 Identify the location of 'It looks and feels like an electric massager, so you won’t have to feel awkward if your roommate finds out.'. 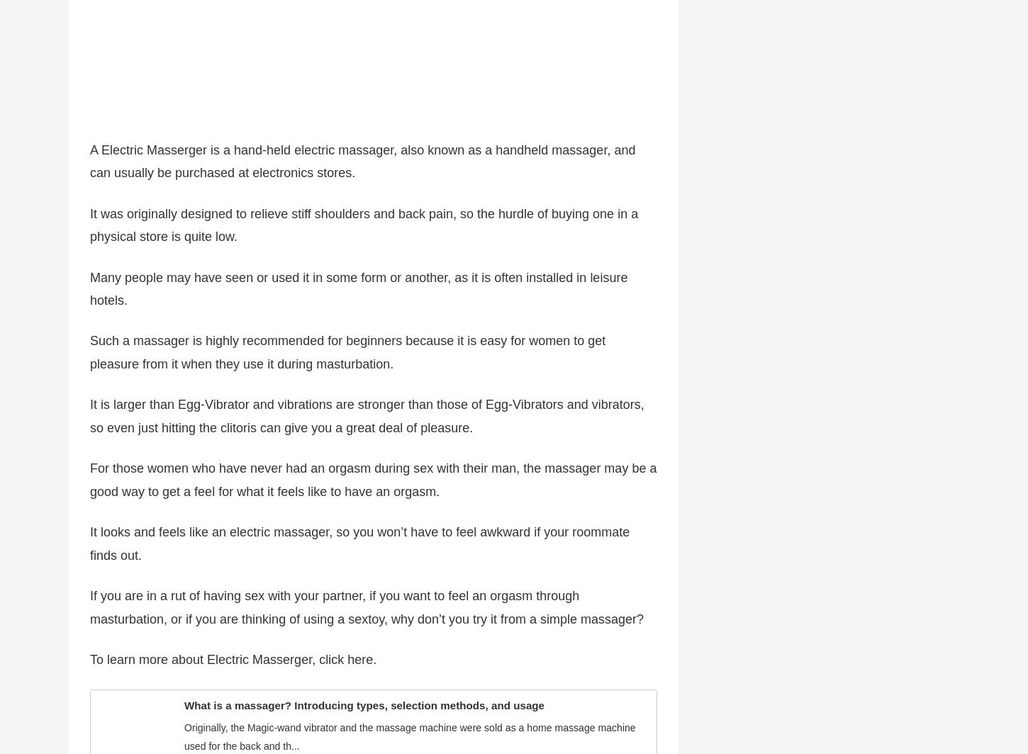
(359, 551).